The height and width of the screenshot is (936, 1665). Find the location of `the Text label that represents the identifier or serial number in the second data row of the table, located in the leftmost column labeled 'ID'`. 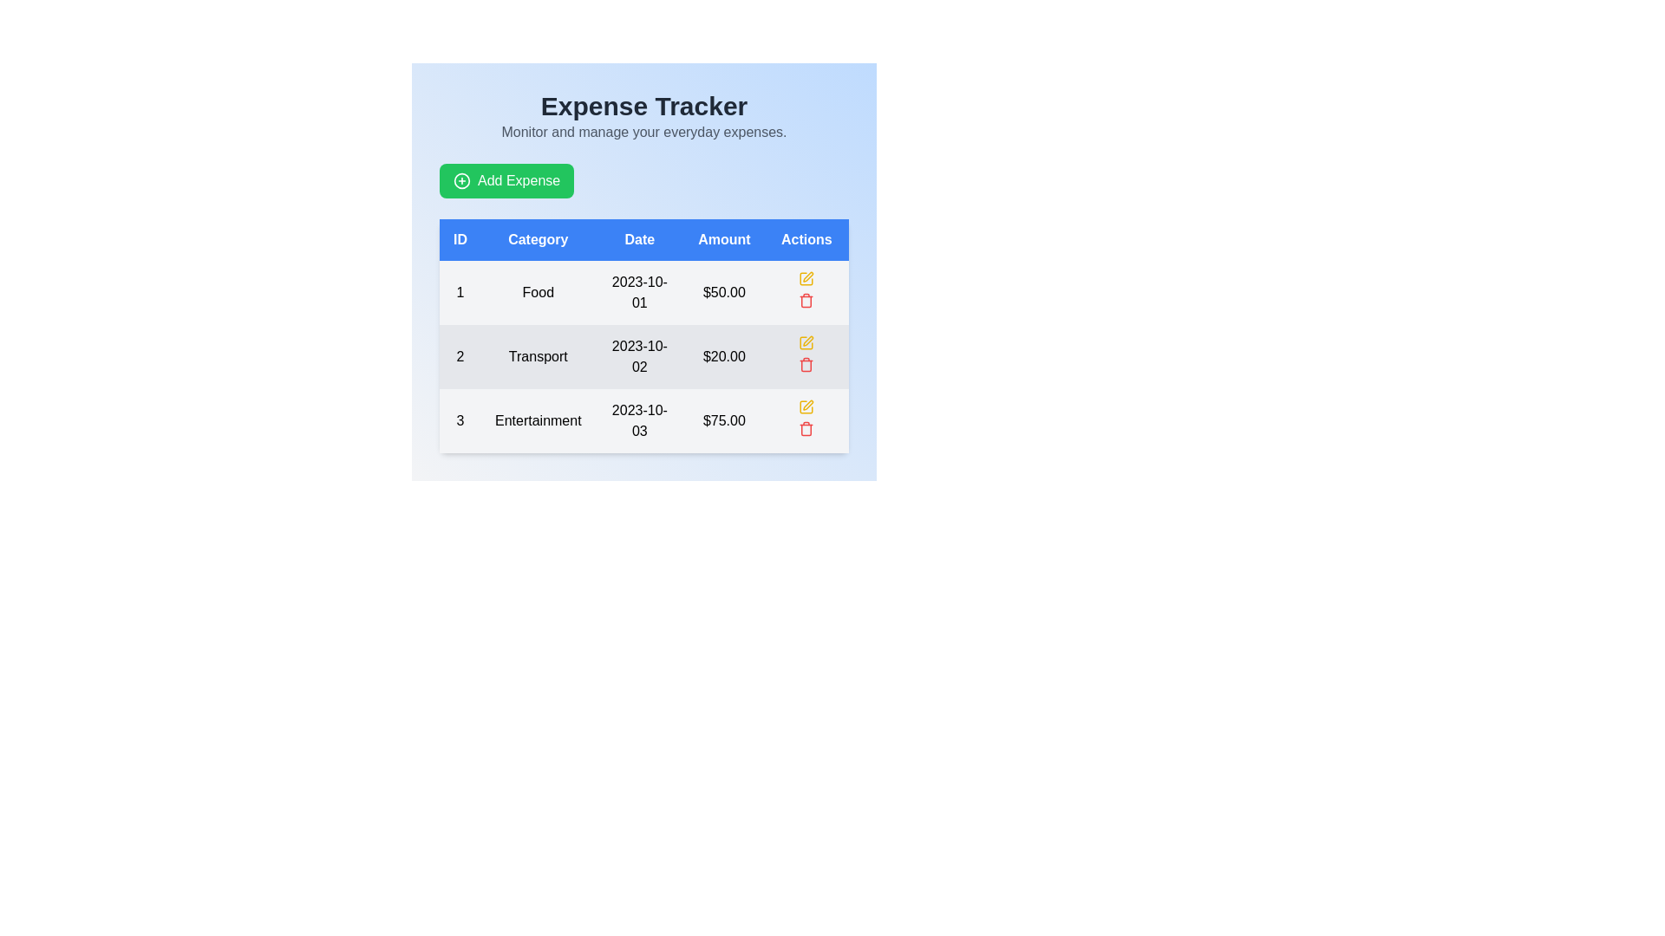

the Text label that represents the identifier or serial number in the second data row of the table, located in the leftmost column labeled 'ID' is located at coordinates (460, 356).